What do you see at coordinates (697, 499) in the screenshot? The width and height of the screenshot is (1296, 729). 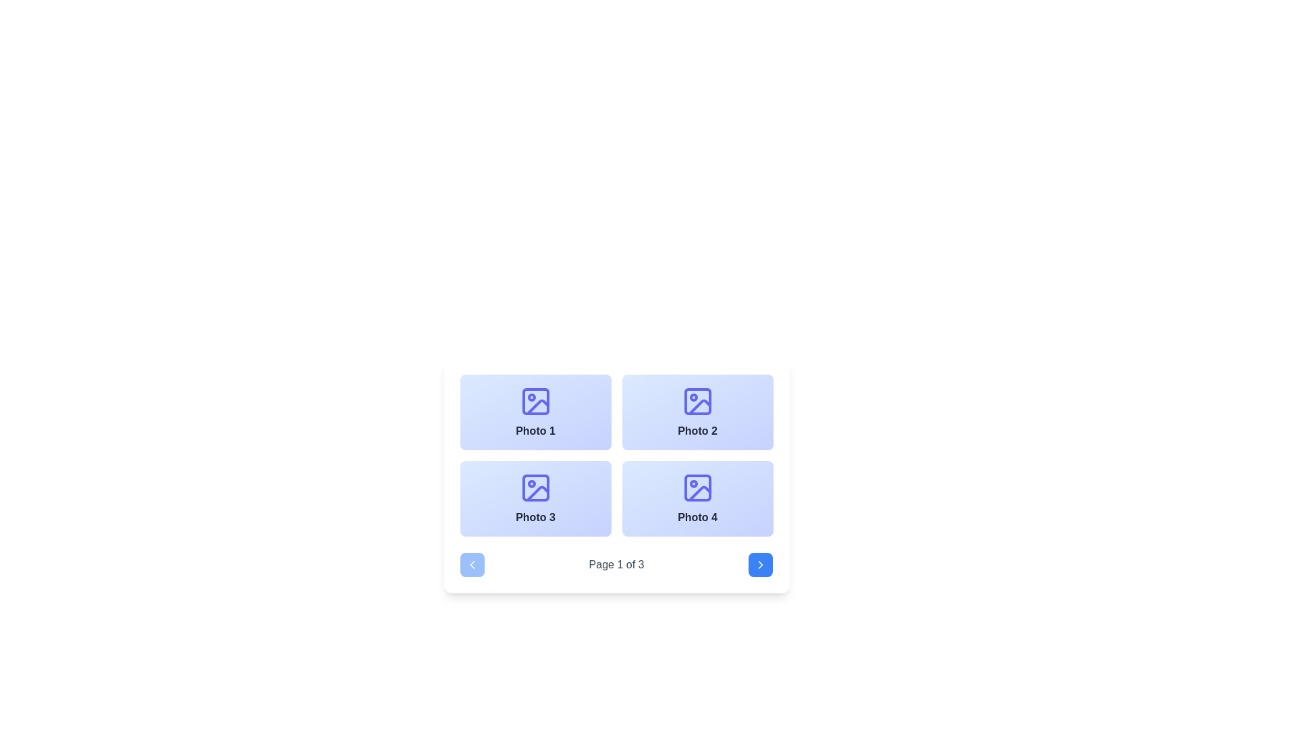 I see `the card labeled 'Photo 4' which is located in the bottom-right corner of a 2x2 grid of cards` at bounding box center [697, 499].